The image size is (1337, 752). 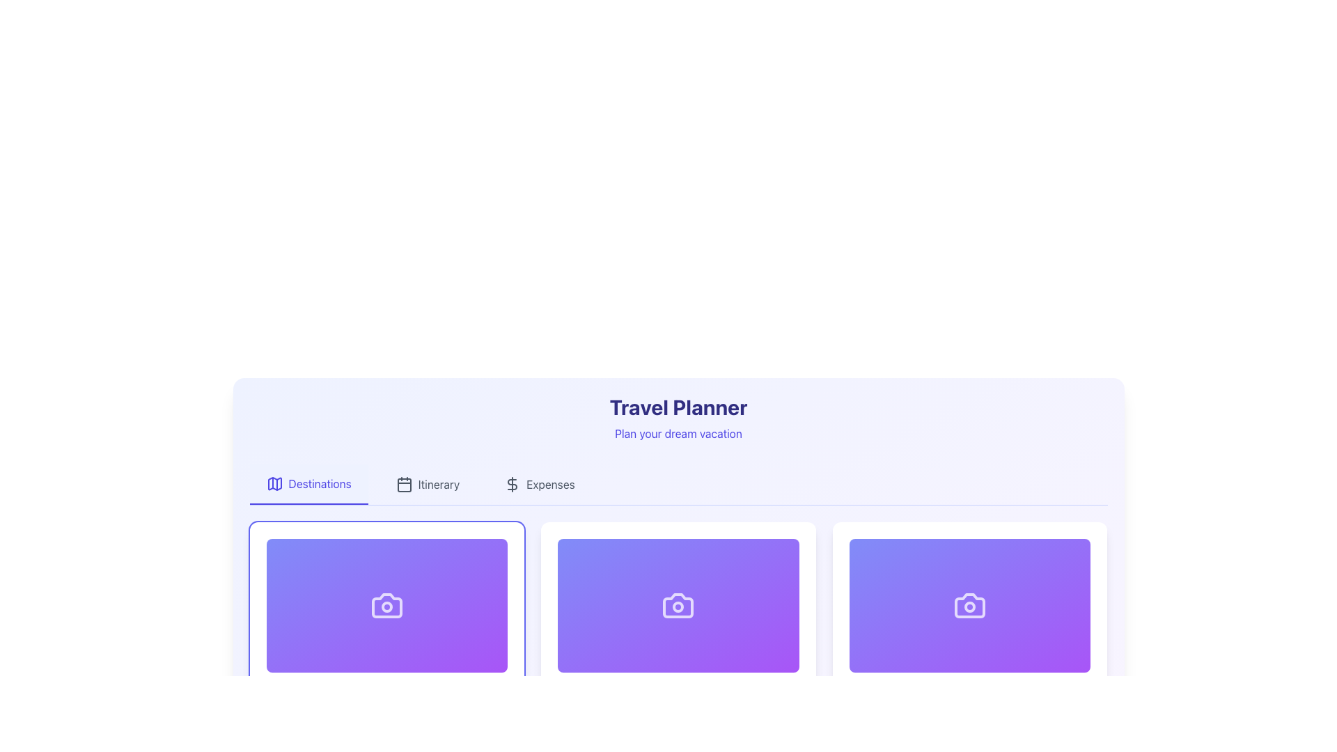 What do you see at coordinates (969, 606) in the screenshot?
I see `the Circle within the SVG graphic that represents a decorative or functional part of the camera icon, located slightly towards the bottom-right of the icon design` at bounding box center [969, 606].